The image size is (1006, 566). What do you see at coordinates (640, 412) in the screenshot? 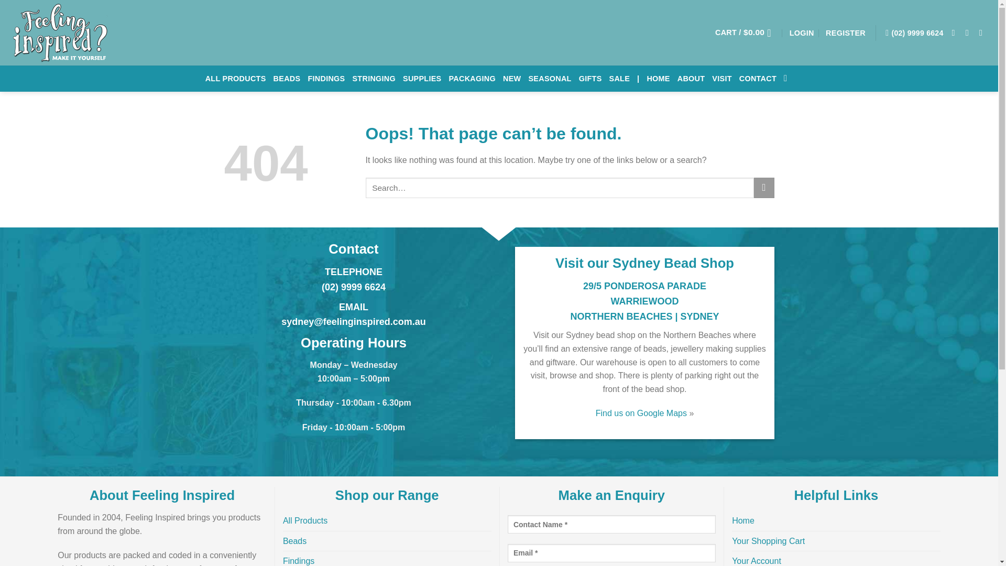
I see `'Find us on Google Maps'` at bounding box center [640, 412].